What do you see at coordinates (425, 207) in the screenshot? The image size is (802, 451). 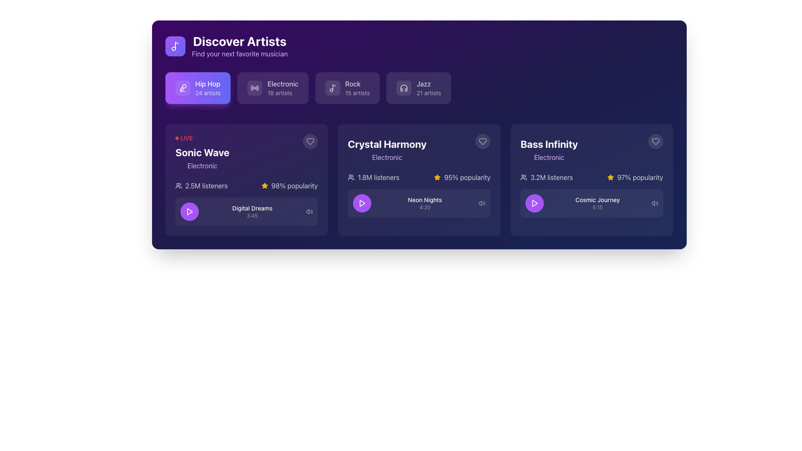 I see `the Label/Text Display that shows the duration related to 'Neon Nights', positioned directly below the text 'Neon Nights' in the middle card under the 'Crystal Harmony' section` at bounding box center [425, 207].